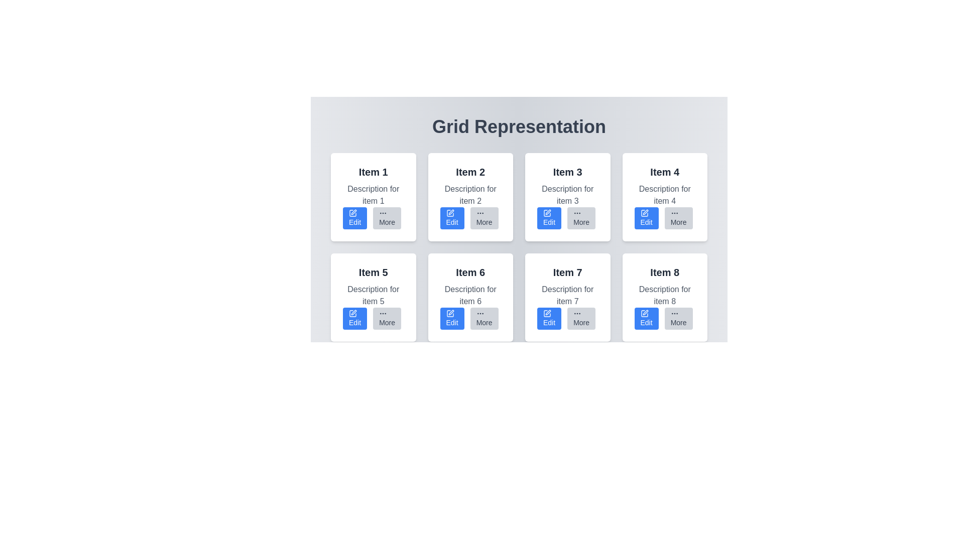 This screenshot has width=964, height=542. Describe the element at coordinates (646, 419) in the screenshot. I see `the first button in the row of action buttons at the bottom of the card titled 'Item 8' to observe hover effects` at that location.